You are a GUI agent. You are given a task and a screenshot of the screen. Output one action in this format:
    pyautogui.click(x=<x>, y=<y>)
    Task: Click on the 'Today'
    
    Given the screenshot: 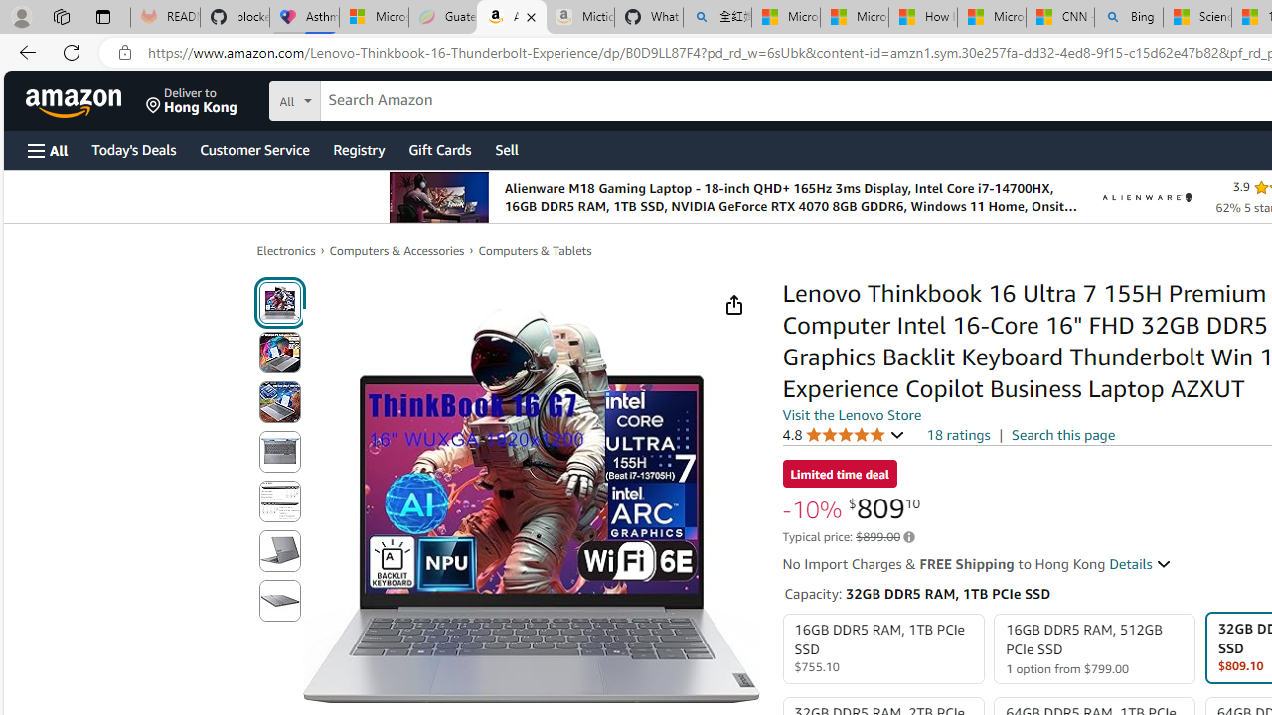 What is the action you would take?
    pyautogui.click(x=132, y=148)
    